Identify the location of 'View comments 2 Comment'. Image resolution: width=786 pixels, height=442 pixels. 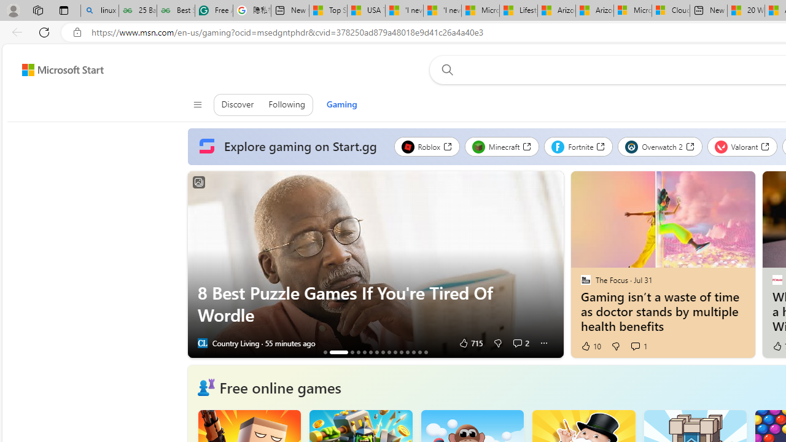
(521, 343).